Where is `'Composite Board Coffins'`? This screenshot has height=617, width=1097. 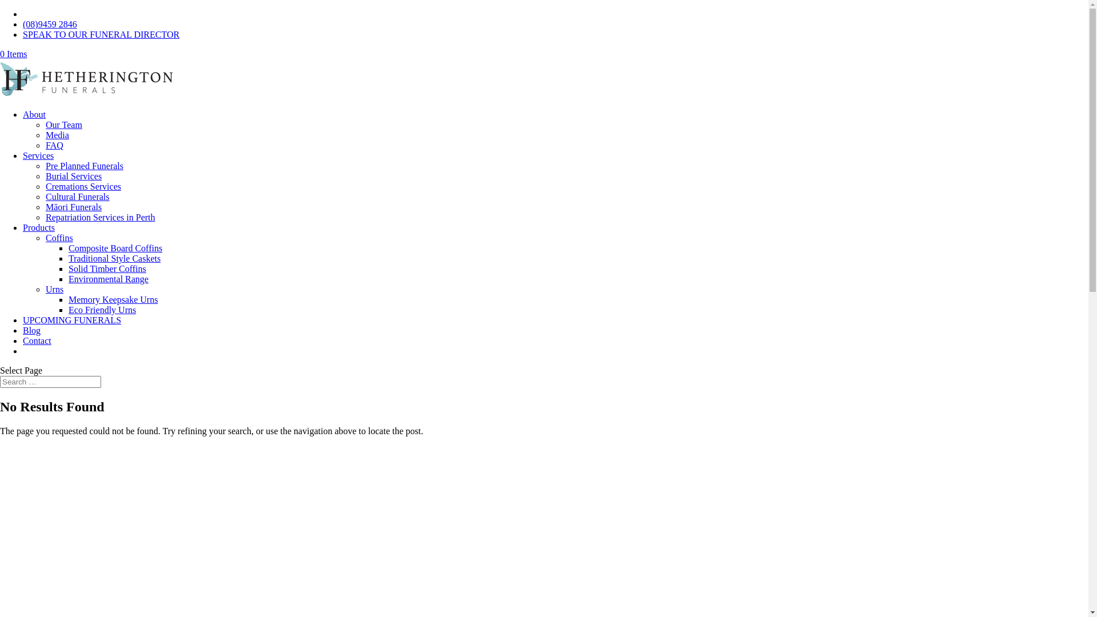 'Composite Board Coffins' is located at coordinates (115, 247).